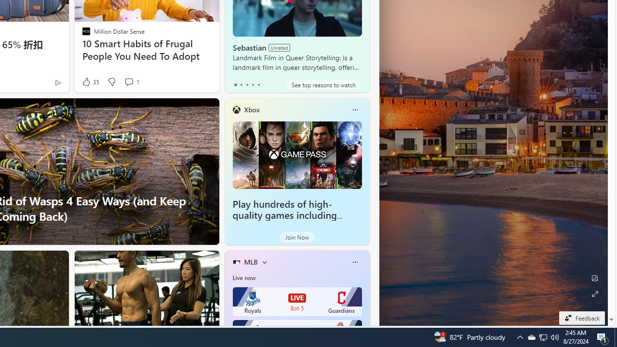 Image resolution: width=617 pixels, height=347 pixels. Describe the element at coordinates (251, 262) in the screenshot. I see `'MLB'` at that location.